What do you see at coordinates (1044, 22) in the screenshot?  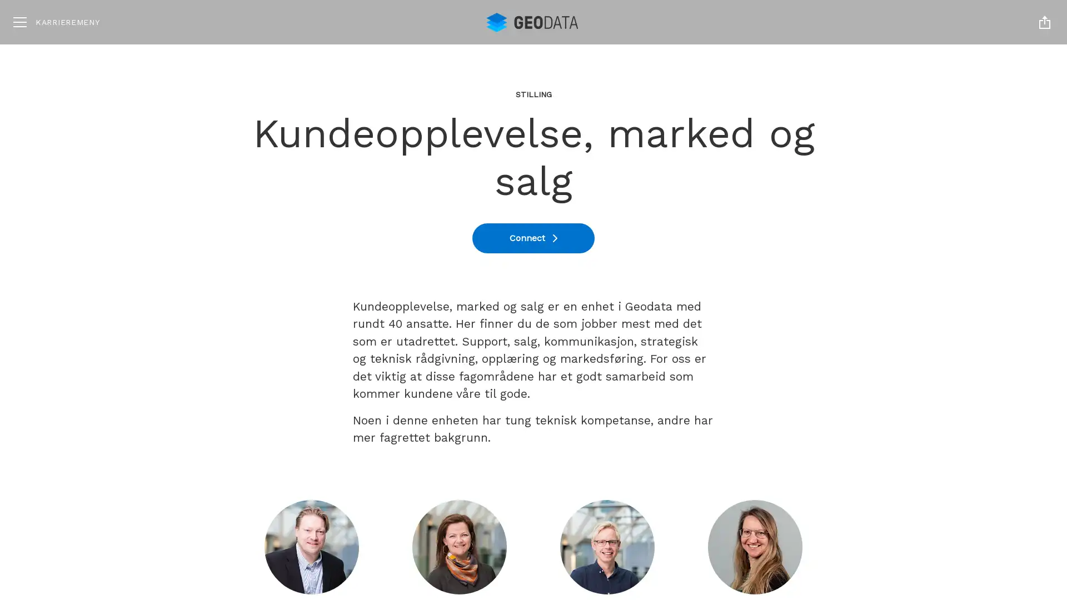 I see `Del side` at bounding box center [1044, 22].